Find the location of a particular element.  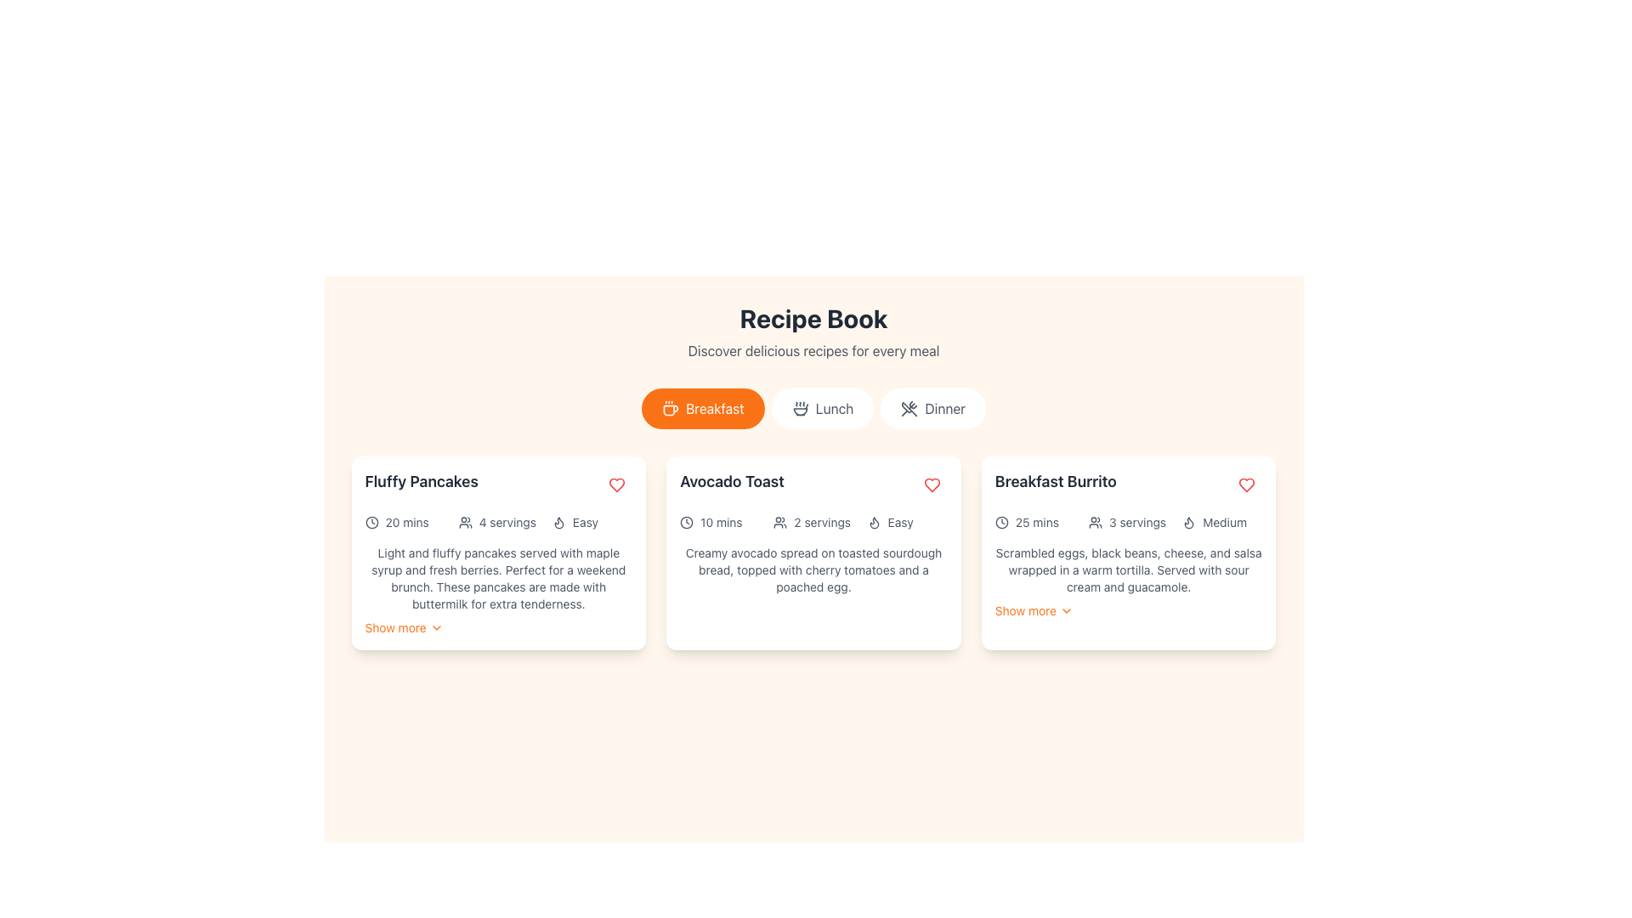

the '10 mins' label with an icon is located at coordinates (720, 521).